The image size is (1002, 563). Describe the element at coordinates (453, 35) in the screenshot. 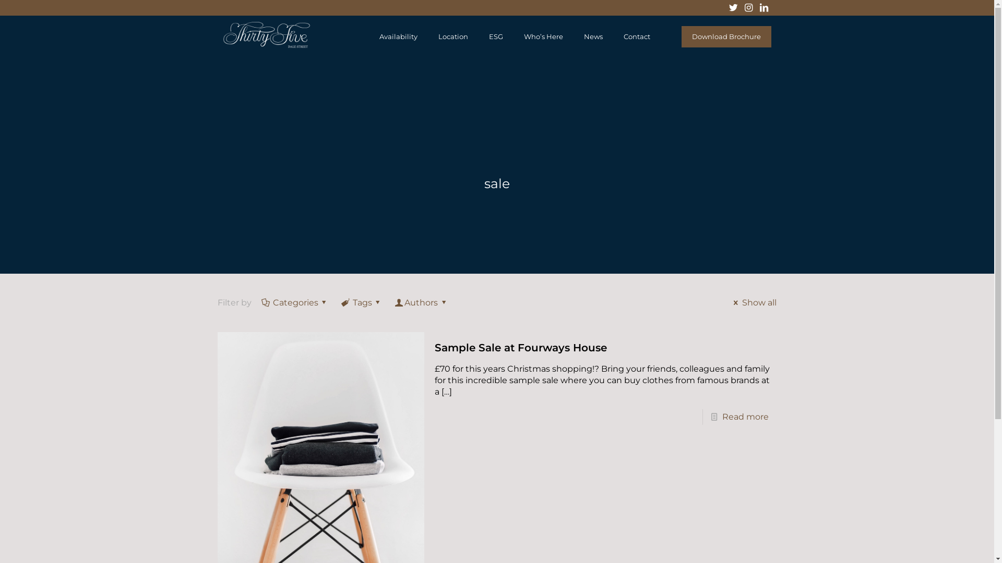

I see `'Location'` at that location.